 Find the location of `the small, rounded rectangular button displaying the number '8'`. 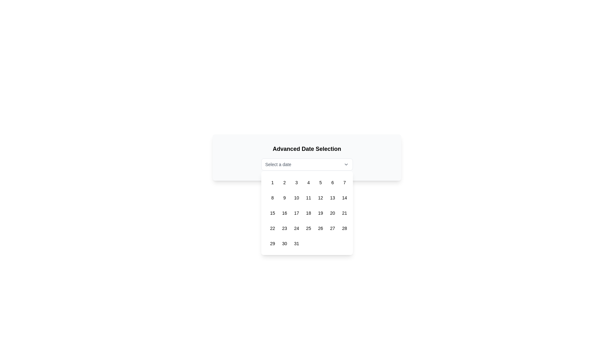

the small, rounded rectangular button displaying the number '8' is located at coordinates (272, 198).